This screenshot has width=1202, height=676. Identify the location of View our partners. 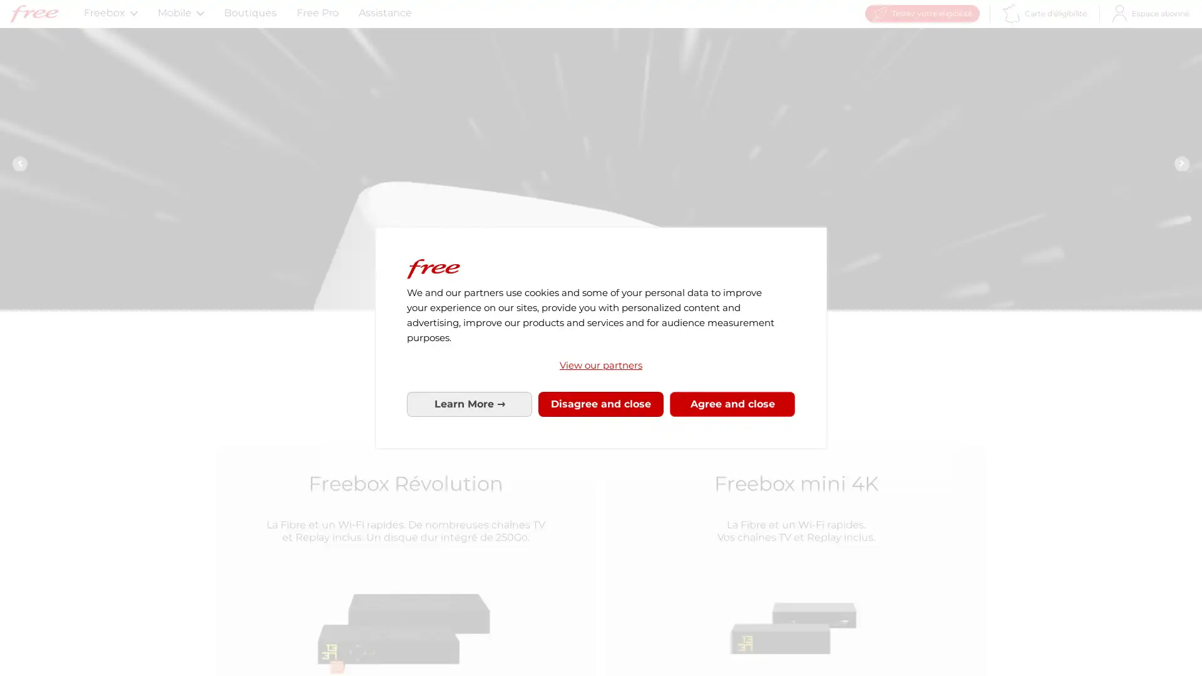
(601, 364).